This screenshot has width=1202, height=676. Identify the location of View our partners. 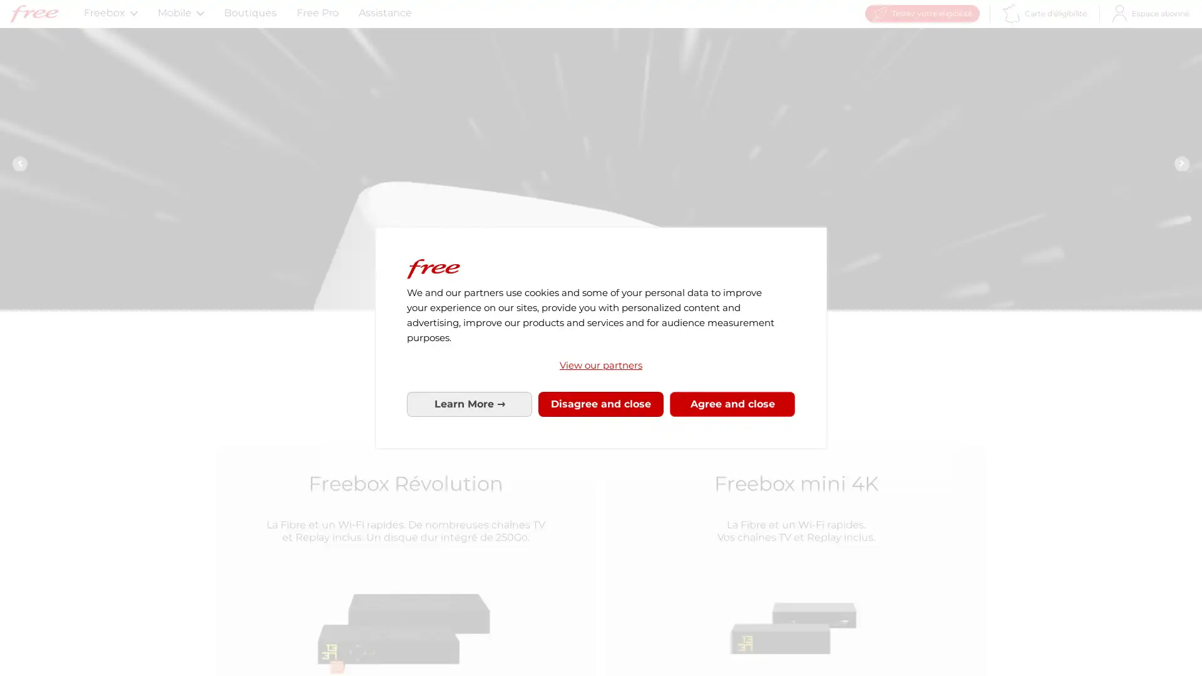
(601, 364).